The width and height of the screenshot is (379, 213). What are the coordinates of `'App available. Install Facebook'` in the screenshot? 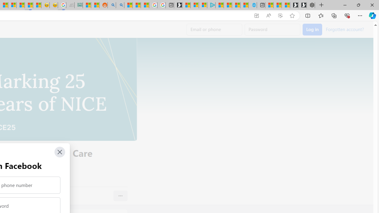 It's located at (257, 15).